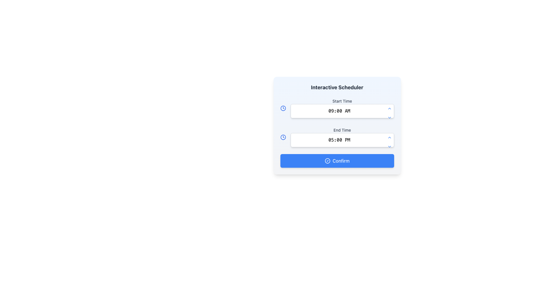 The width and height of the screenshot is (546, 307). Describe the element at coordinates (337, 88) in the screenshot. I see `the header element displaying the text 'Interactive Scheduler' which is bold and large, centrally aligned in dark gray on a light background` at that location.